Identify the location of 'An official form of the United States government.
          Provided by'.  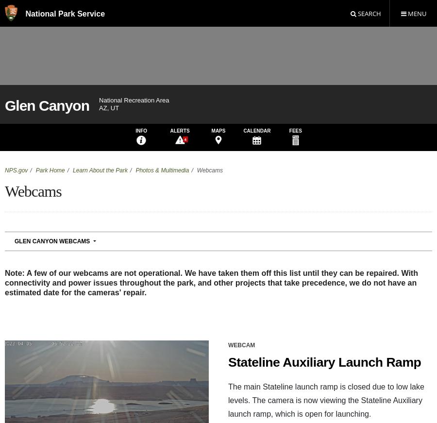
(187, 304).